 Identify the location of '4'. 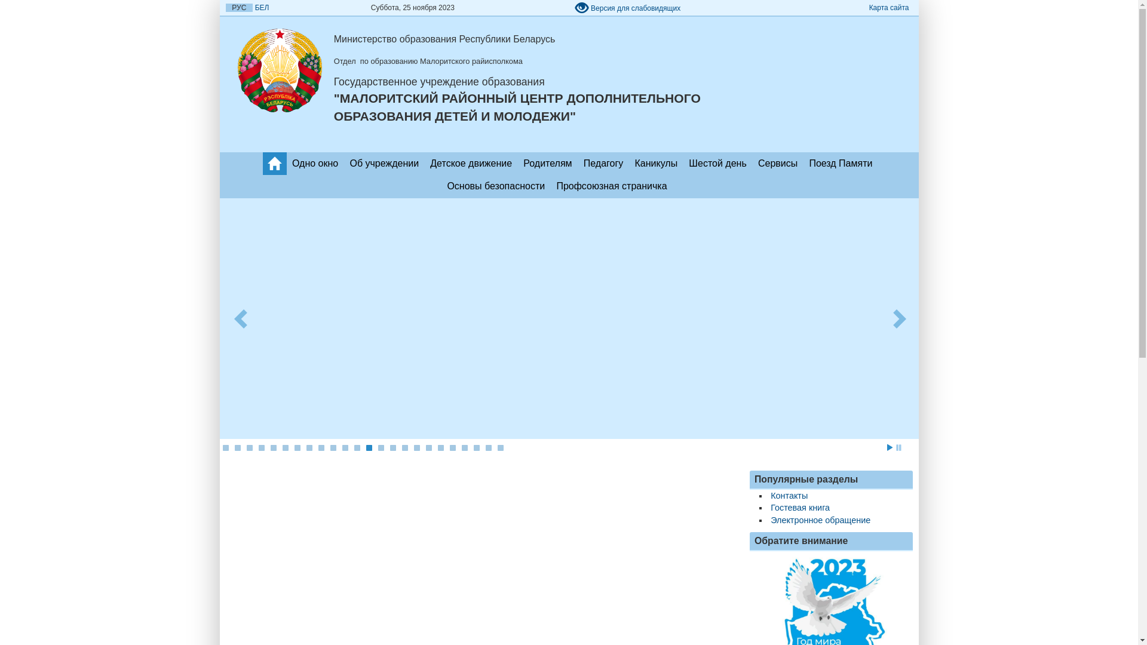
(260, 447).